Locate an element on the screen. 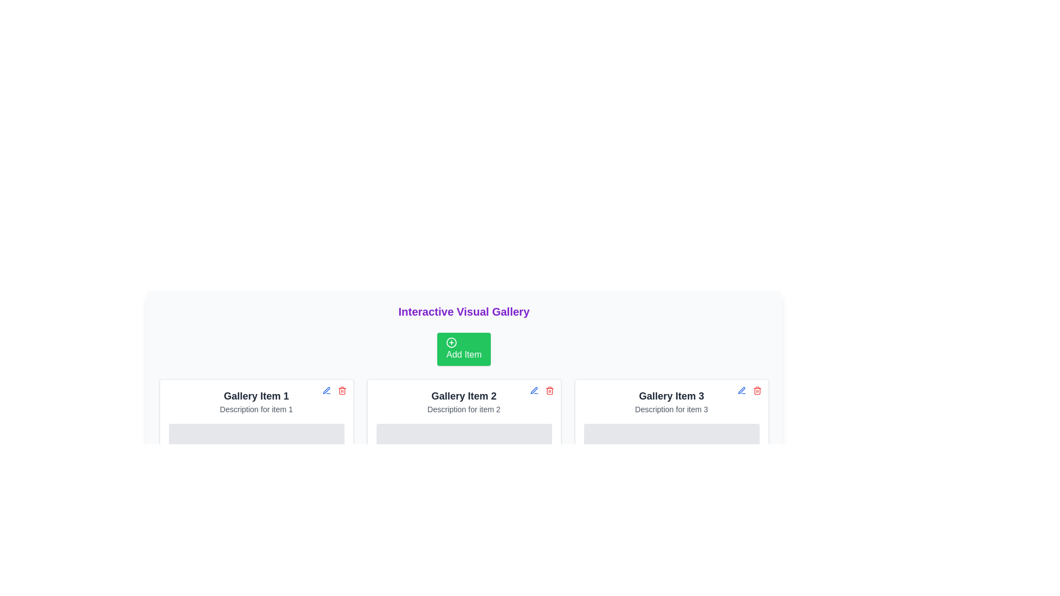  the circular 'Add Item' icon featuring a plus sign on a green background, located at the leftmost side of the button at the top-center of the grid interface is located at coordinates (452, 342).